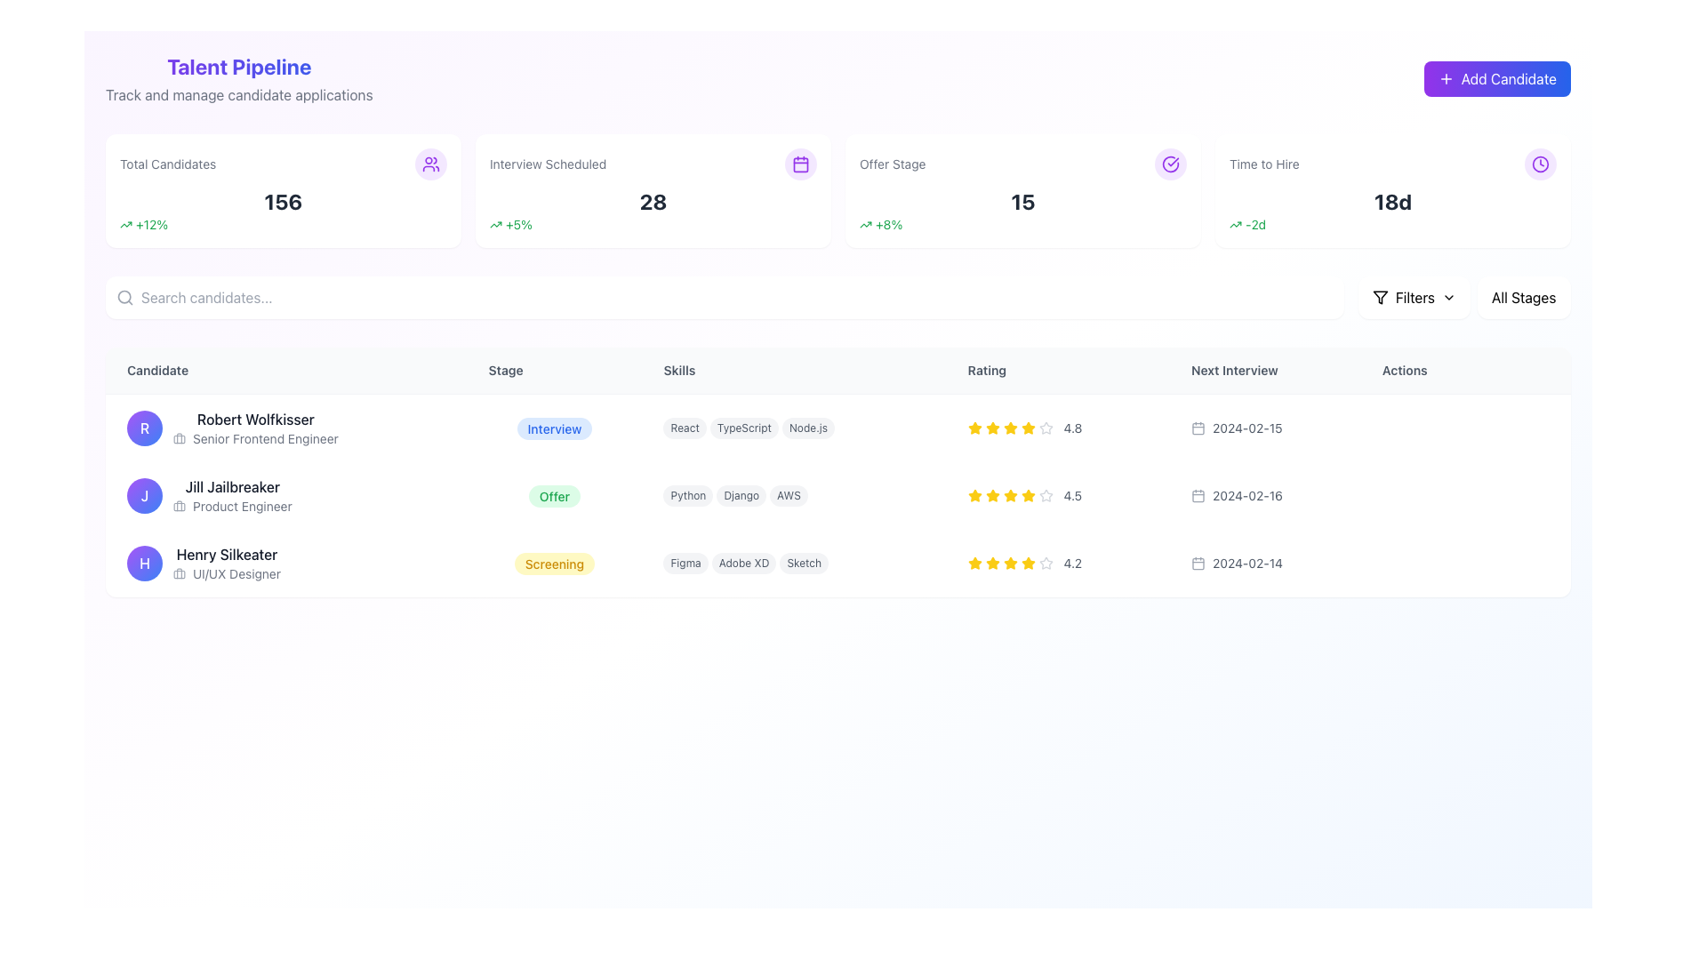 Image resolution: width=1707 pixels, height=960 pixels. Describe the element at coordinates (793, 496) in the screenshot. I see `the static Tag group displaying the skills of the candidate 'Jill Jailbreaker', located in the 'Skills' column of the second row in the 'Talent Pipeline' table` at that location.